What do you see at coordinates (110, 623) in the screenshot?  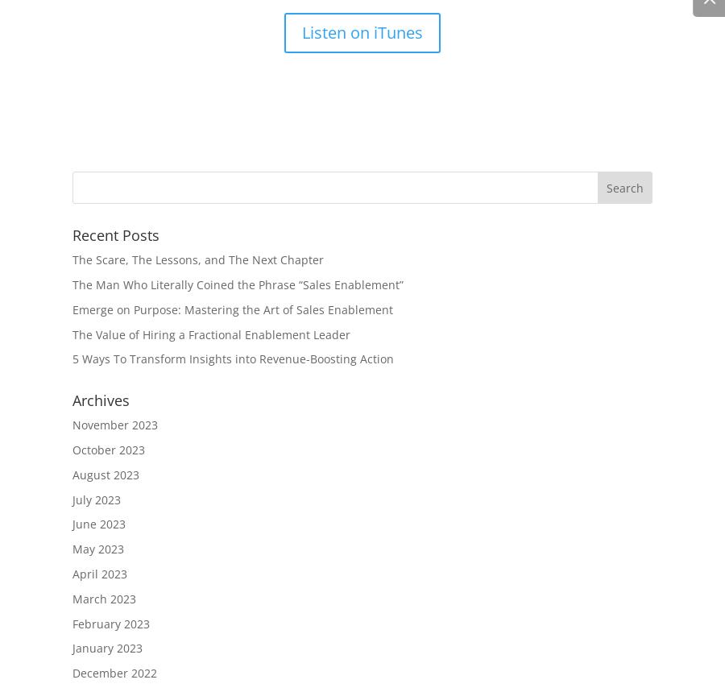 I see `'February 2023'` at bounding box center [110, 623].